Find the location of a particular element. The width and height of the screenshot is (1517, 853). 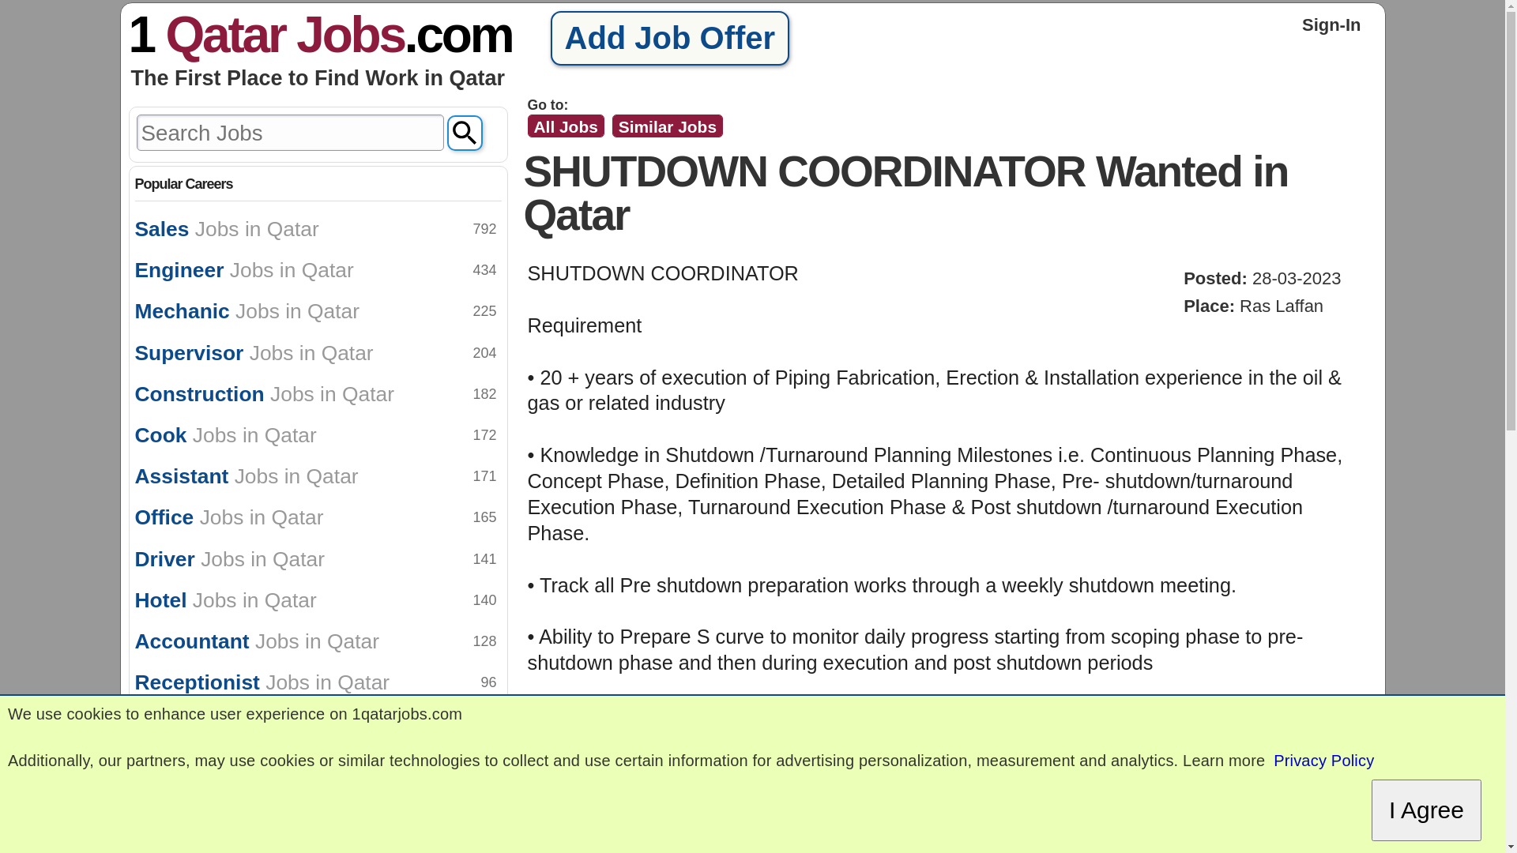

'Similar Jobs' is located at coordinates (667, 125).